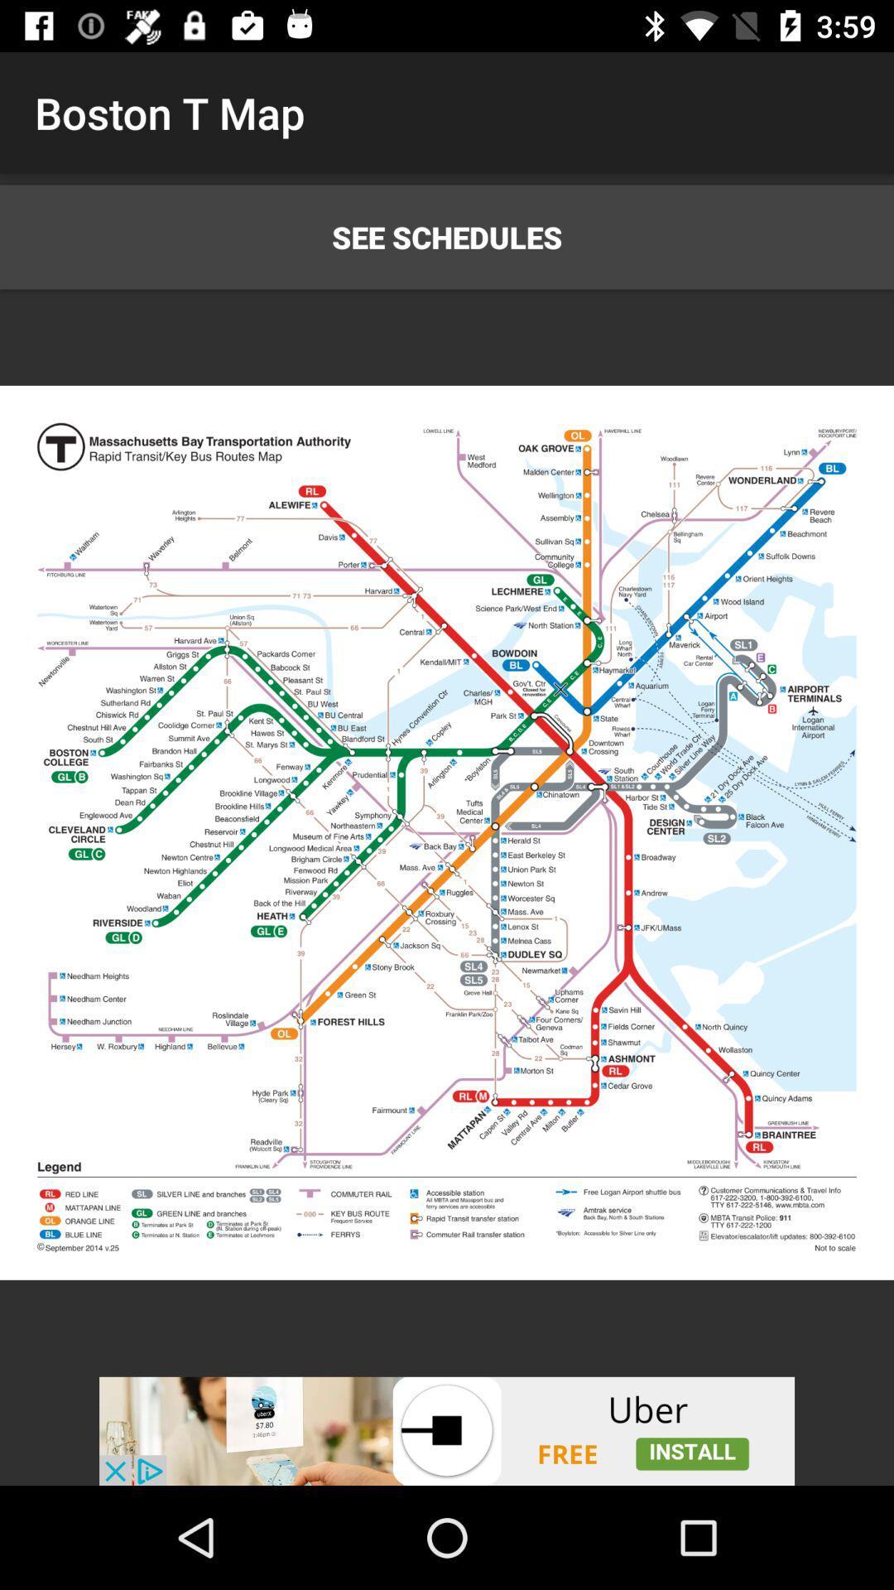  Describe the element at coordinates (447, 833) in the screenshot. I see `zoom map` at that location.